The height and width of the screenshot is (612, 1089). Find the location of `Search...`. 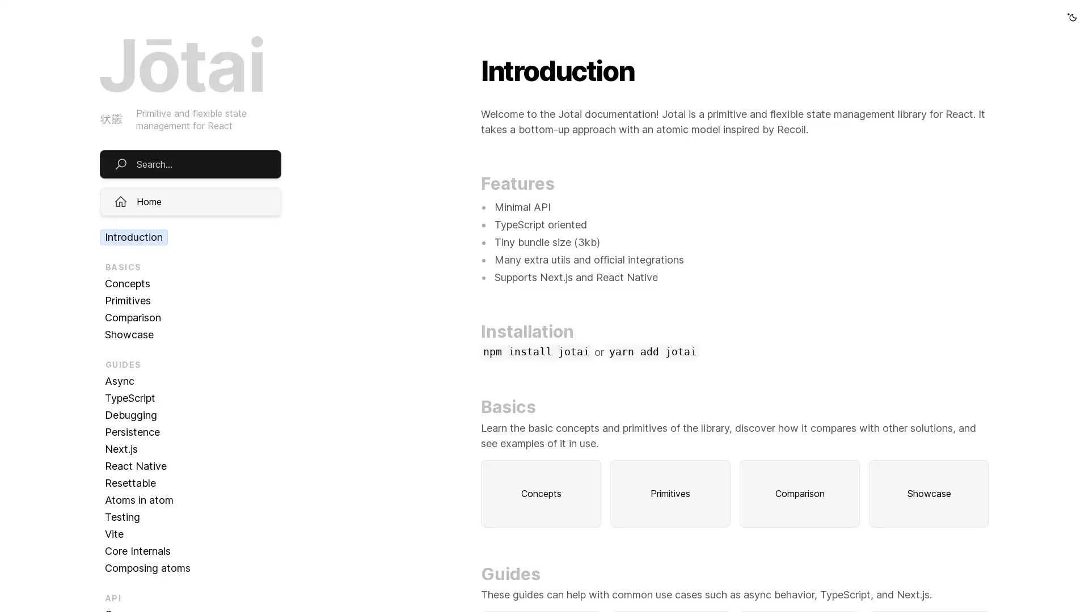

Search... is located at coordinates (544, 45).